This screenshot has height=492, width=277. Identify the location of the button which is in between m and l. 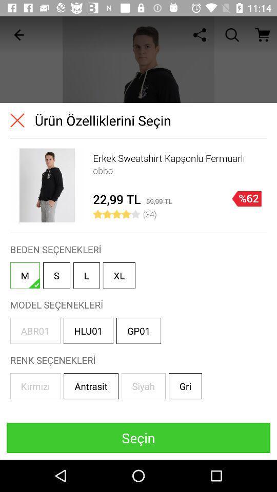
(56, 275).